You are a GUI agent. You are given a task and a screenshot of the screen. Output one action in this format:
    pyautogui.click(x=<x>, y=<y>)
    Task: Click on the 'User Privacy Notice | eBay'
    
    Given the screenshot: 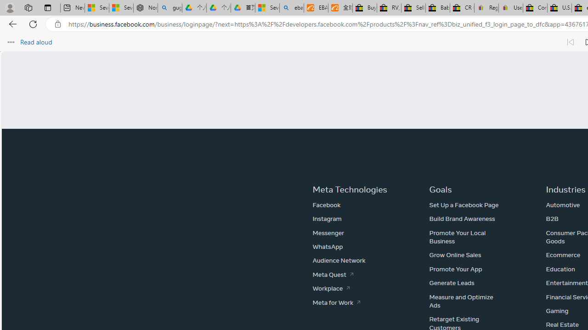 What is the action you would take?
    pyautogui.click(x=510, y=8)
    